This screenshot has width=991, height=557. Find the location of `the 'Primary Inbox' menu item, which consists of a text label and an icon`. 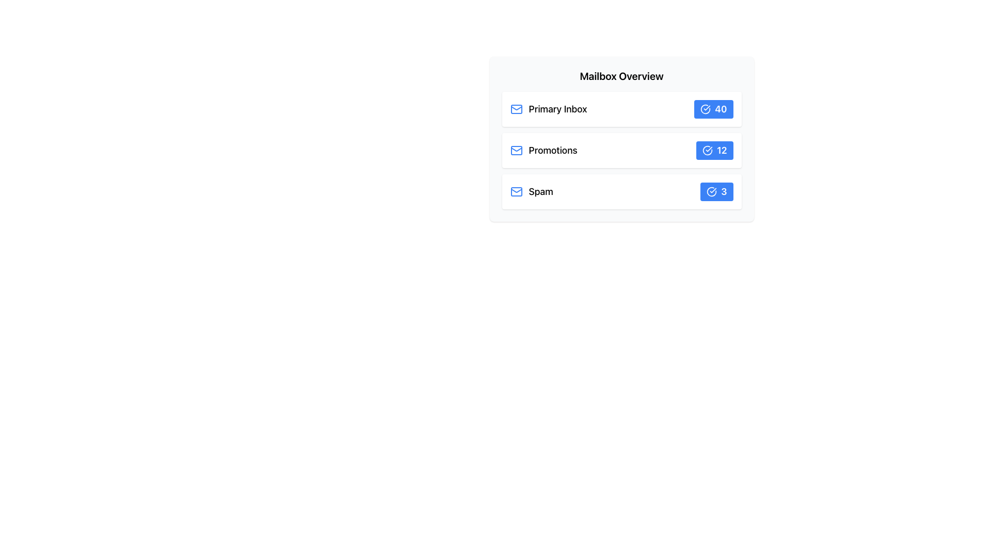

the 'Primary Inbox' menu item, which consists of a text label and an icon is located at coordinates (548, 109).